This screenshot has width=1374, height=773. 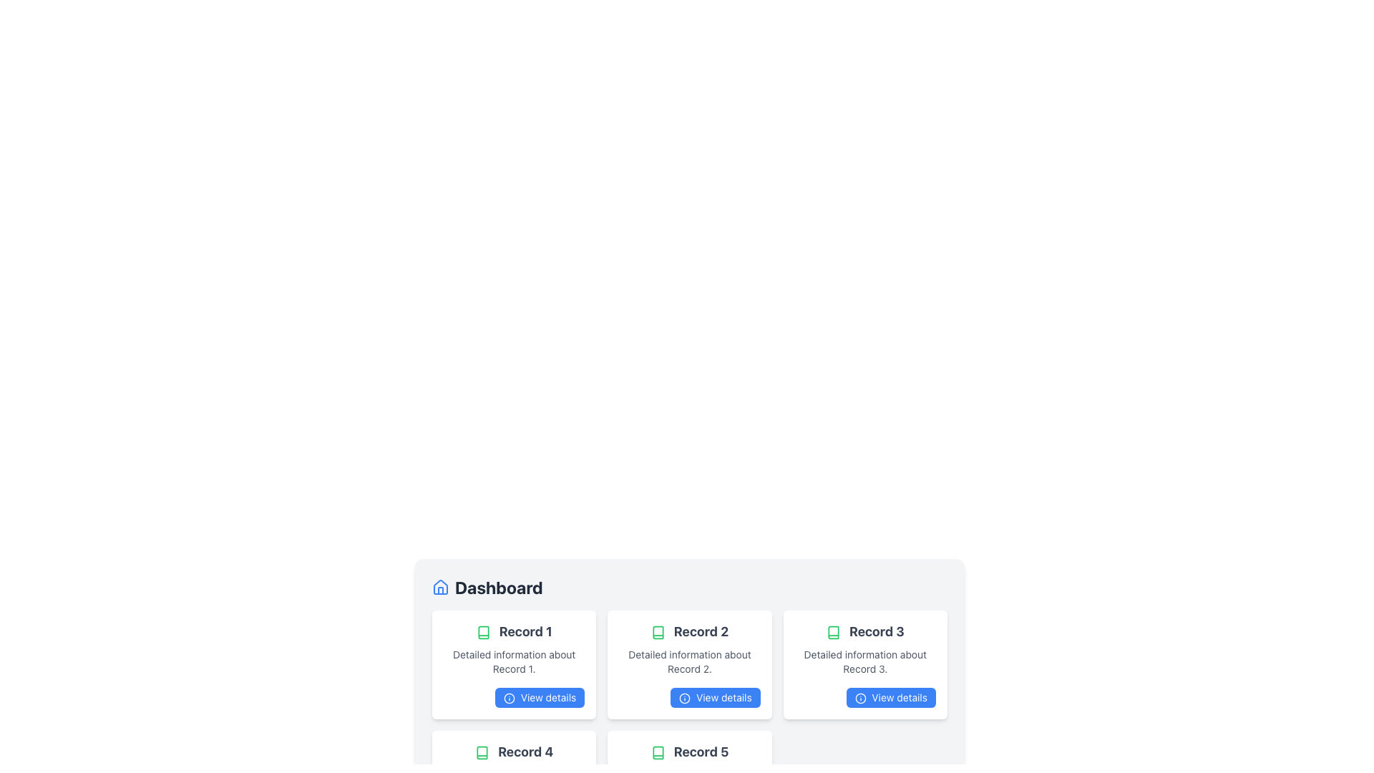 I want to click on the 'View details' button with a blue background and white text, located in the 'Record 2' card, to provide visual feedback, so click(x=690, y=697).